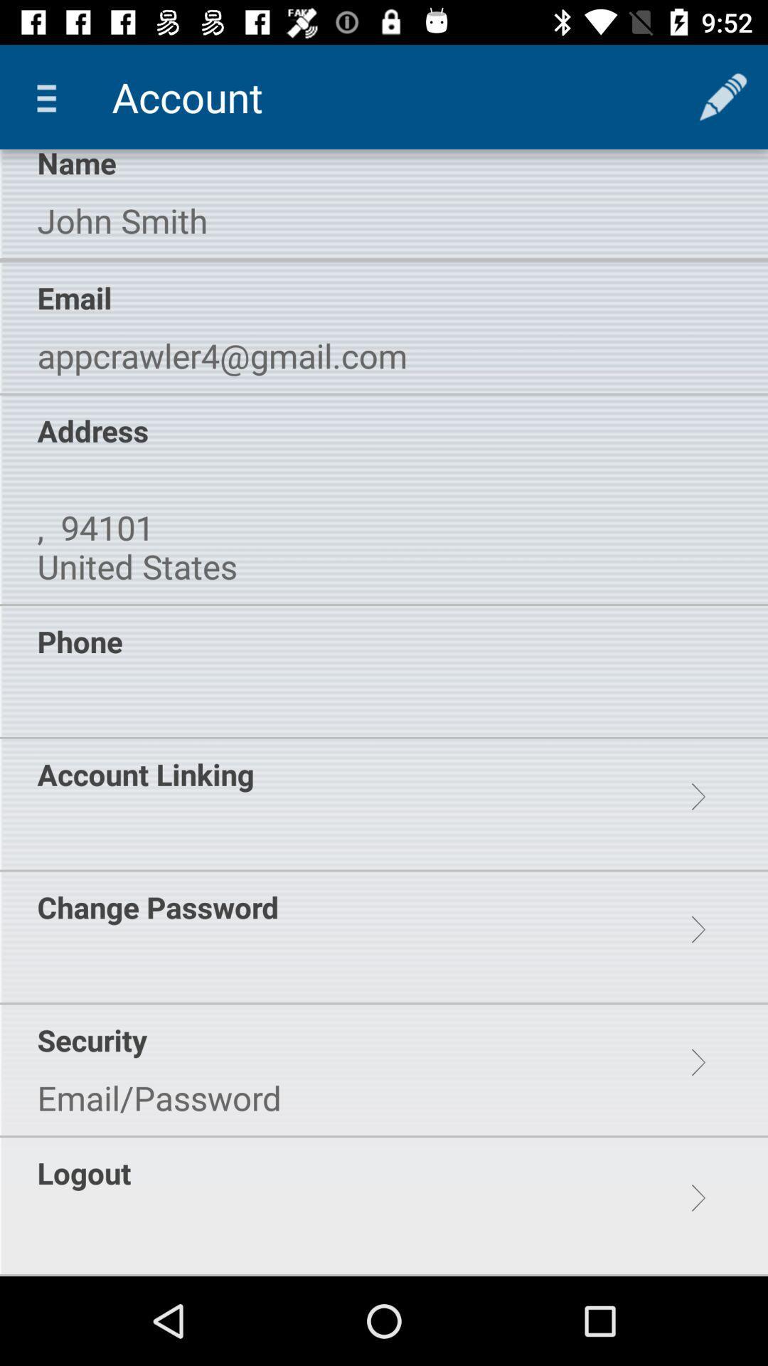  I want to click on the arrow_forward icon, so click(698, 1062).